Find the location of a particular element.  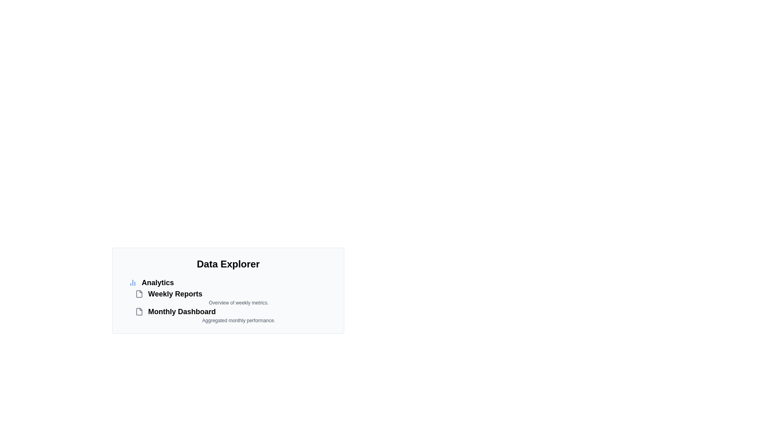

the Text label located under 'Data Explorer', which serves as a title for viewing weekly reports, to associate it with a link if interactive is located at coordinates (175, 294).